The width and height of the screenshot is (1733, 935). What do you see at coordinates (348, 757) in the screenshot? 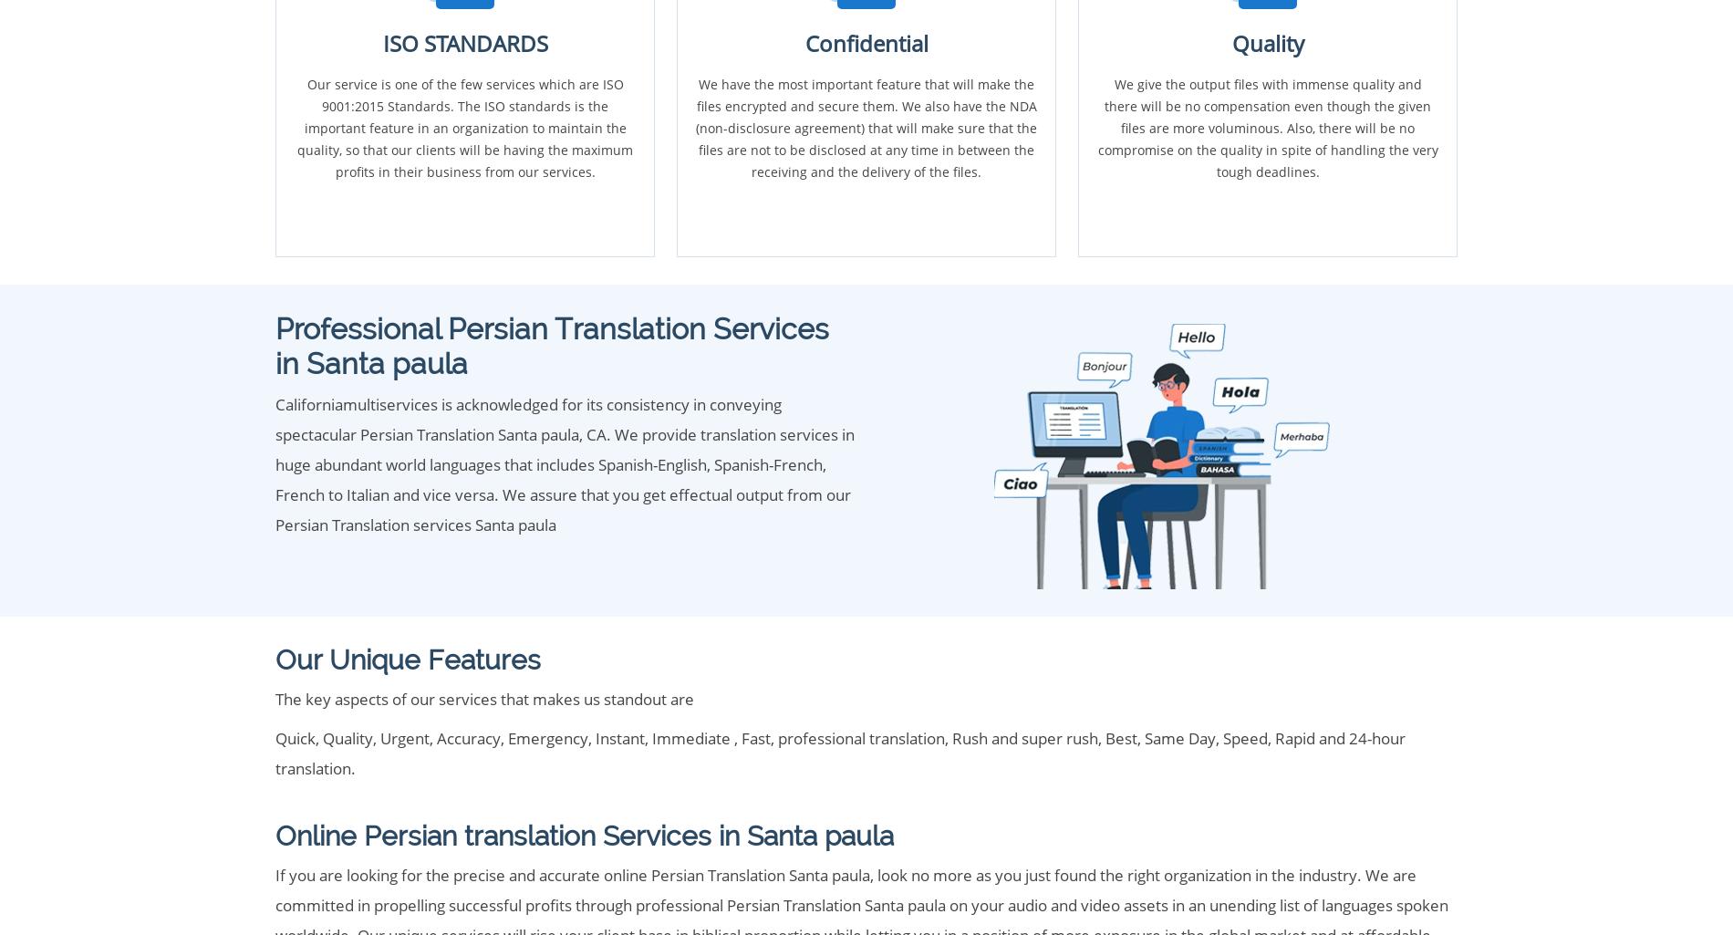
I see `'List of services'` at bounding box center [348, 757].